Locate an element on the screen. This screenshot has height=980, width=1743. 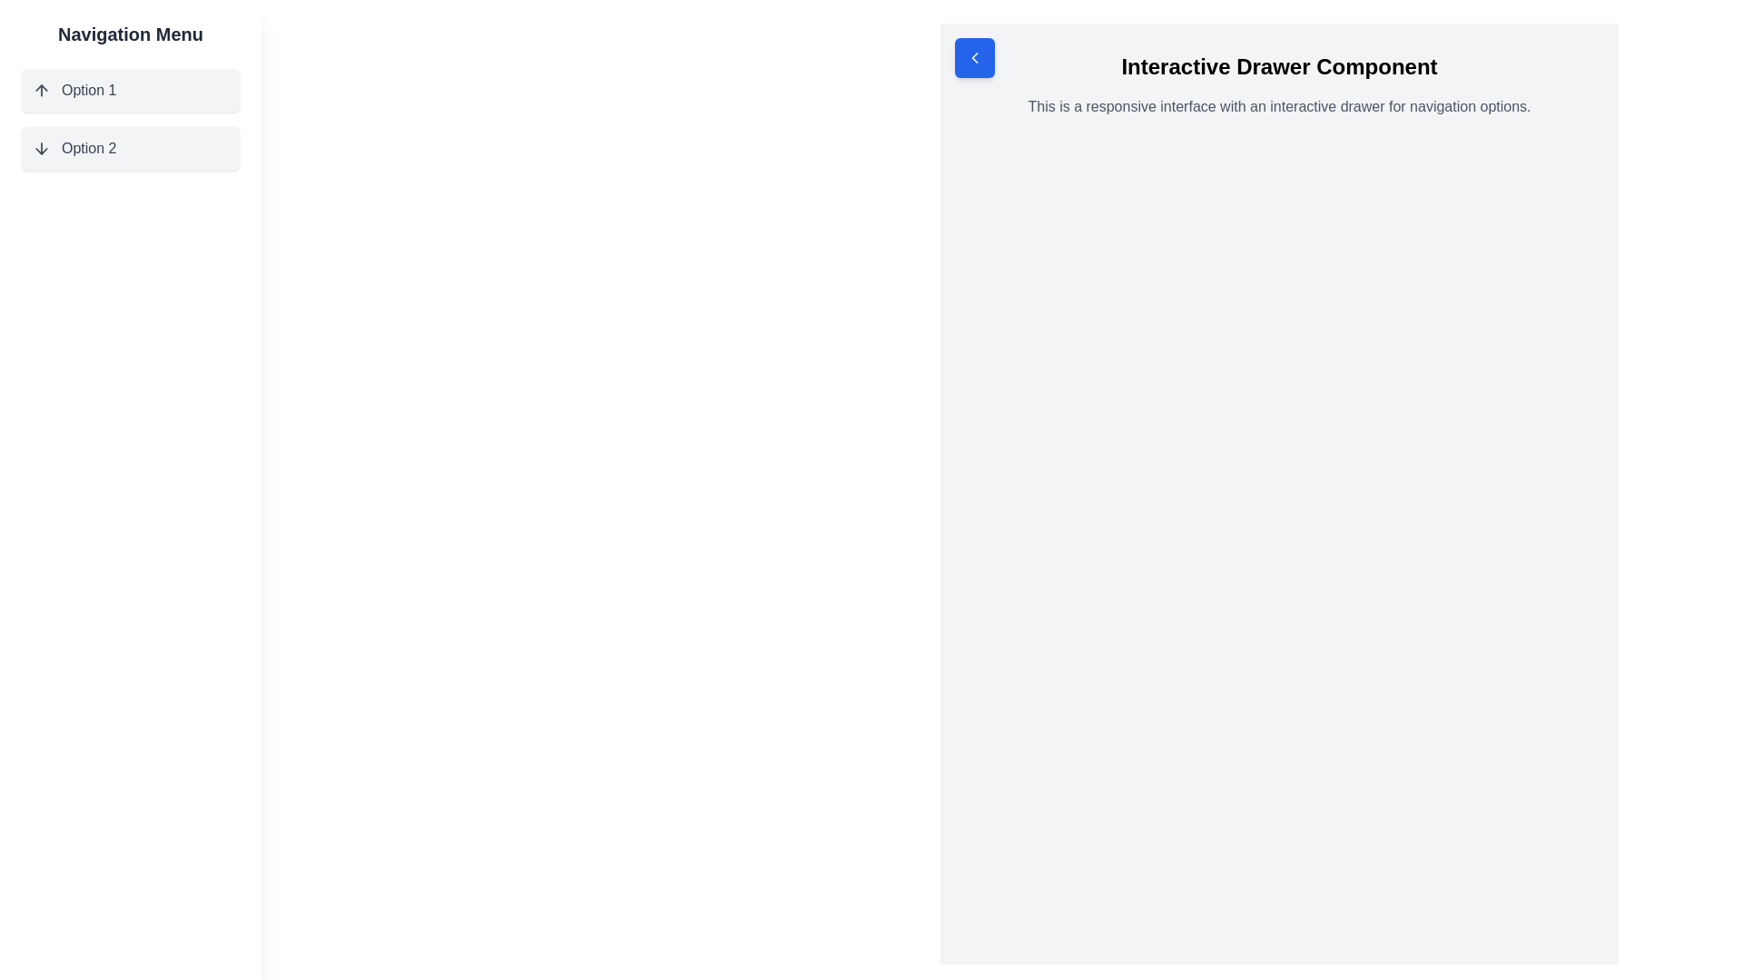
the static text heading located at the top of the sidebar, which serves as the title for the navigation panel is located at coordinates (130, 34).